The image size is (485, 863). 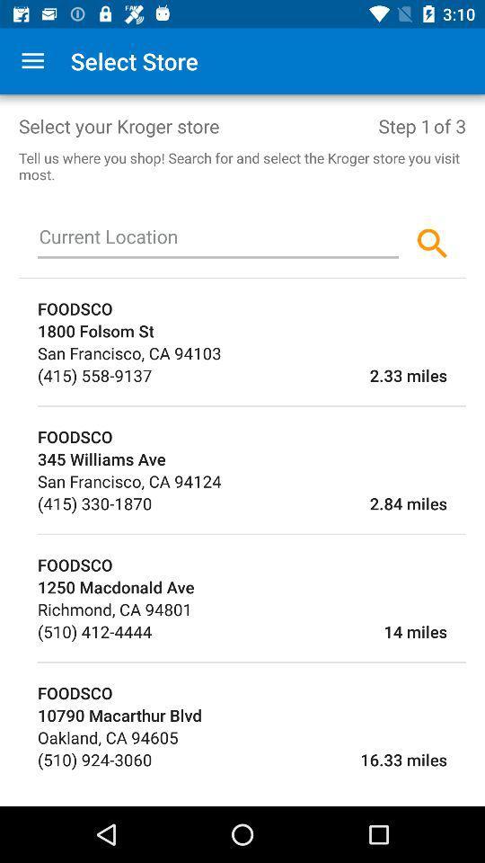 What do you see at coordinates (251, 405) in the screenshot?
I see `the item above the foodsco item` at bounding box center [251, 405].